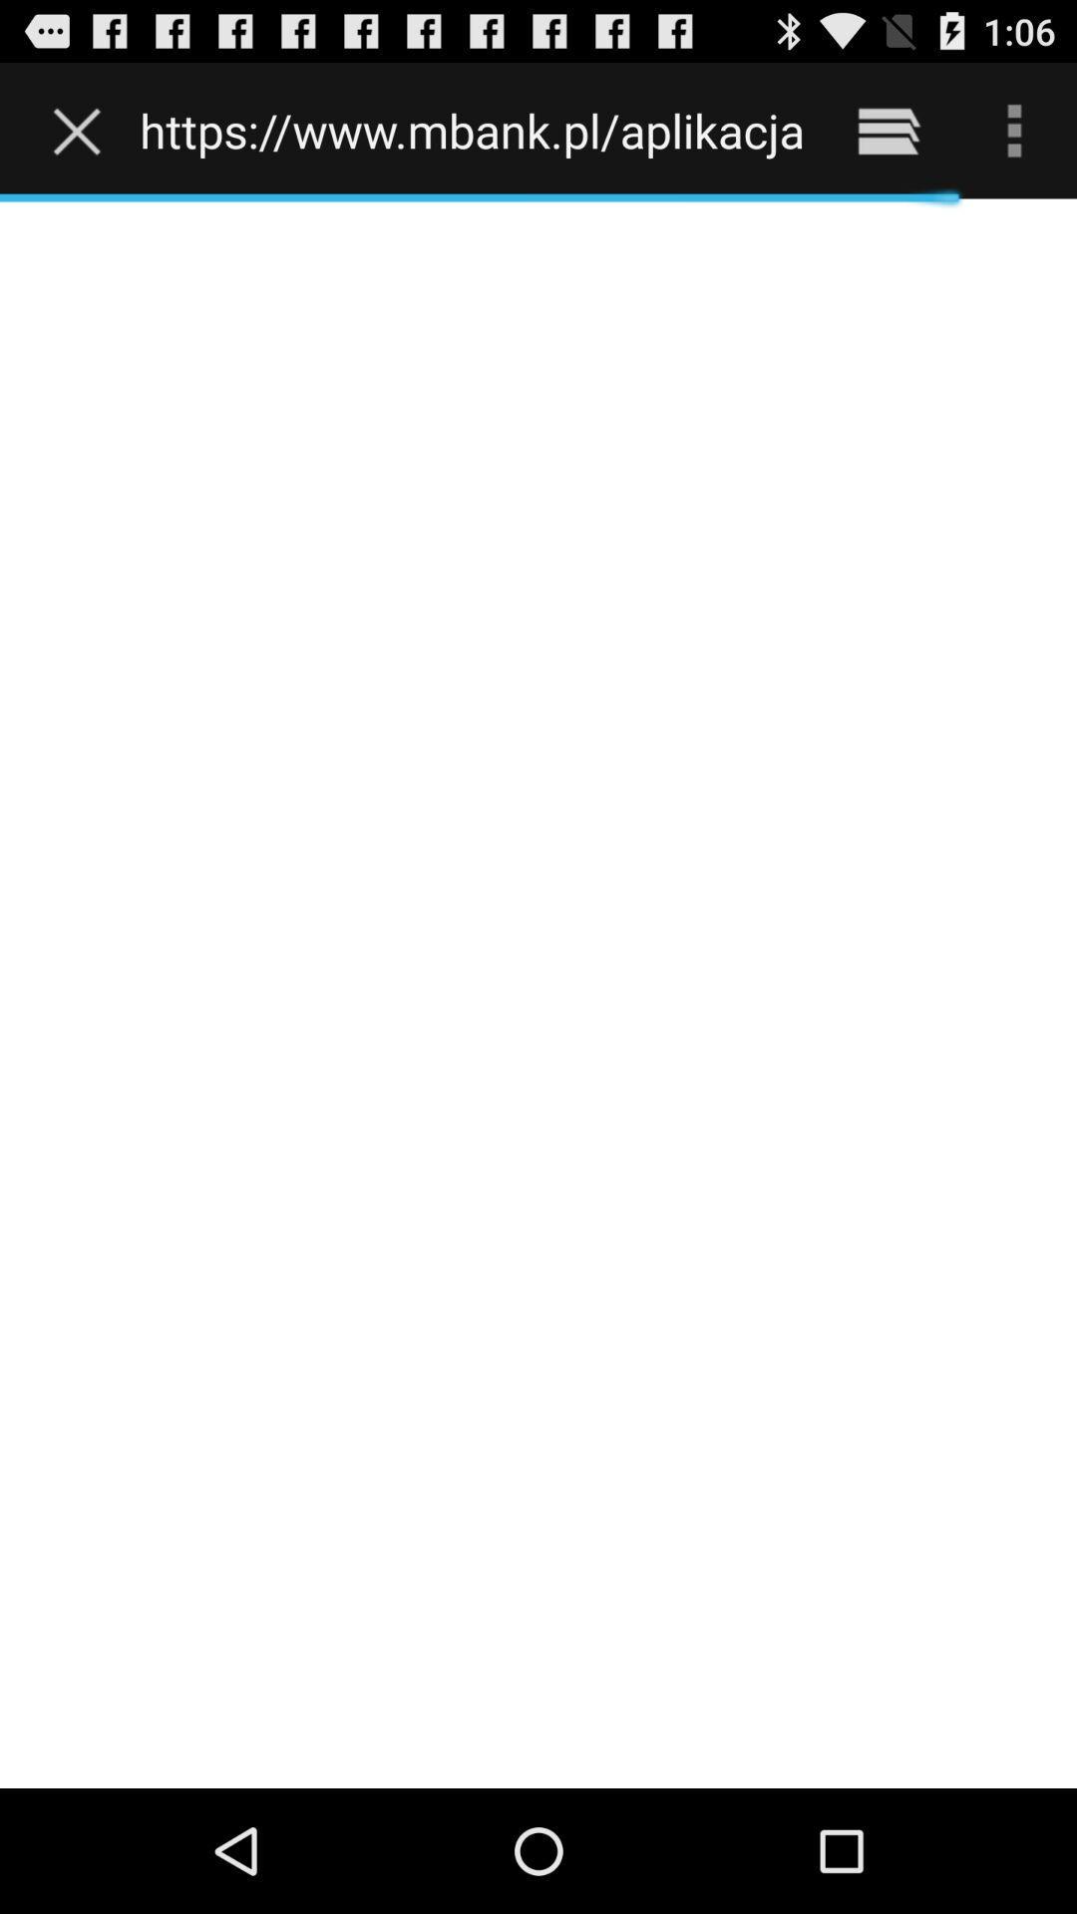 The width and height of the screenshot is (1077, 1914). What do you see at coordinates (471, 130) in the screenshot?
I see `https www mbank icon` at bounding box center [471, 130].